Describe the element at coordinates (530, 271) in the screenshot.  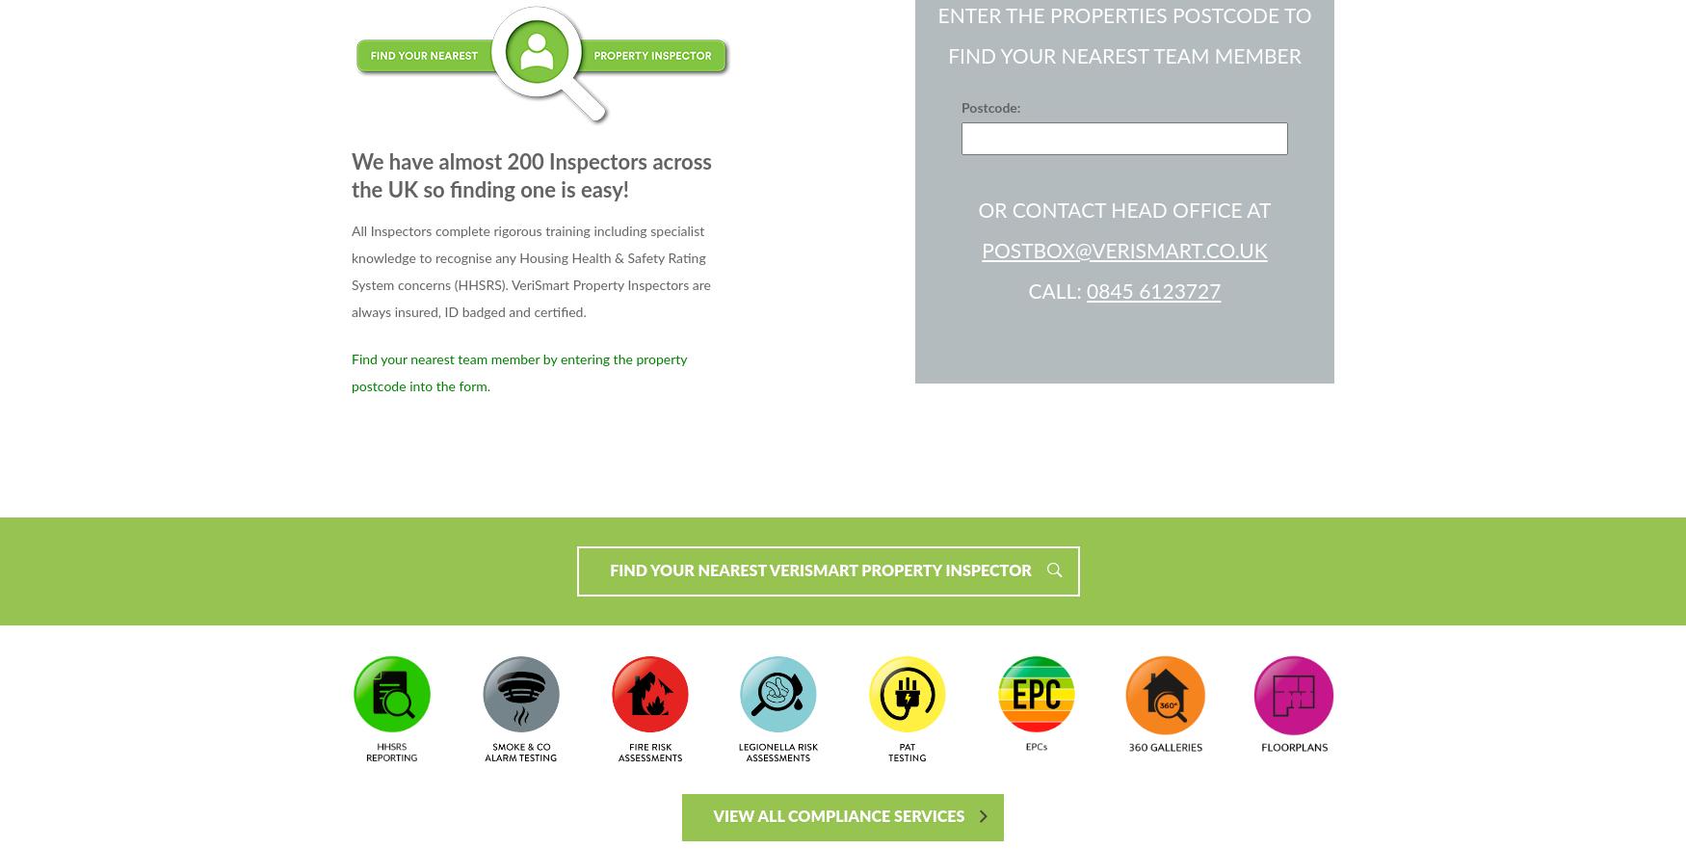
I see `'All Inspectors complete rigorous training including specialist knowledge to recognise any Housing Health & Safety Rating System concerns (HHSRS). VeriSmart Property Inspectors are always insured, ID badged and certified.'` at that location.